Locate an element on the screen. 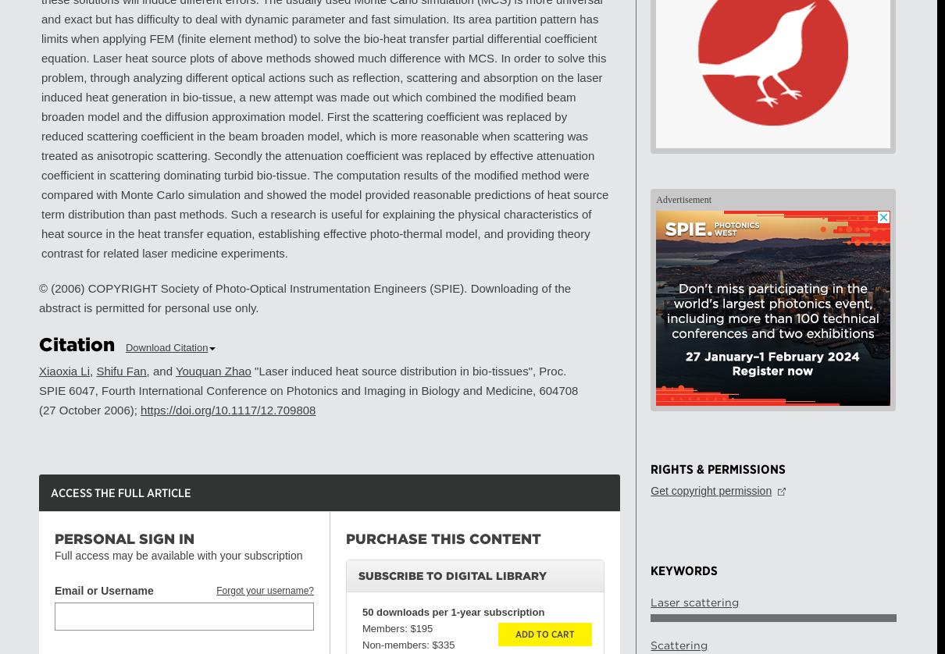 This screenshot has width=945, height=654. 'ACCESS THE FULL ARTICLE' is located at coordinates (121, 492).